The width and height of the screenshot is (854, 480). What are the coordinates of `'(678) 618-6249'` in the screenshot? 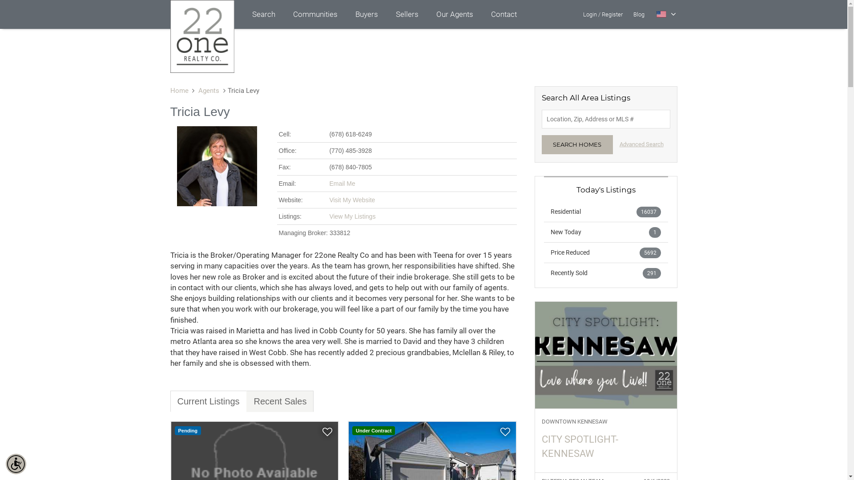 It's located at (328, 134).